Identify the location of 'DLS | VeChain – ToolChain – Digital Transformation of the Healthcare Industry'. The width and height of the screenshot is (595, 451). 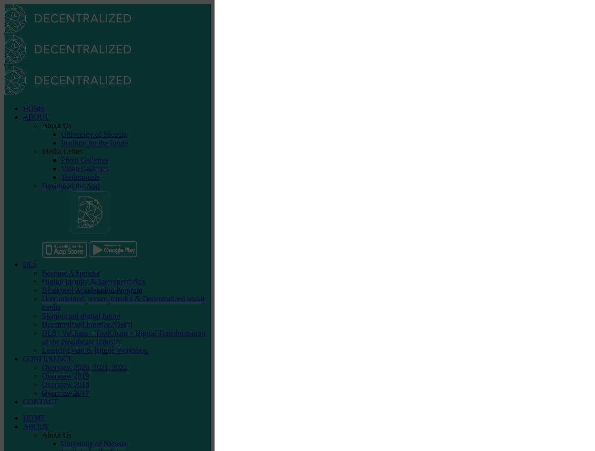
(123, 337).